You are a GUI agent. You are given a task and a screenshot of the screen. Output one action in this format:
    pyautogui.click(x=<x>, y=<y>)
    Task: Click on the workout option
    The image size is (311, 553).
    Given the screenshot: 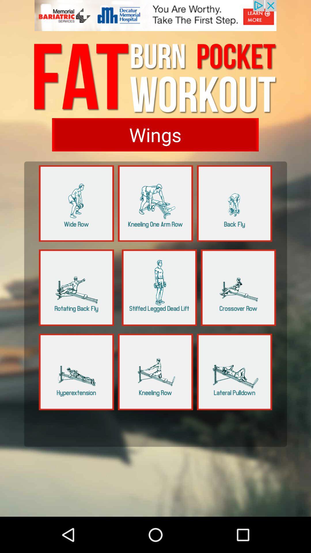 What is the action you would take?
    pyautogui.click(x=155, y=372)
    